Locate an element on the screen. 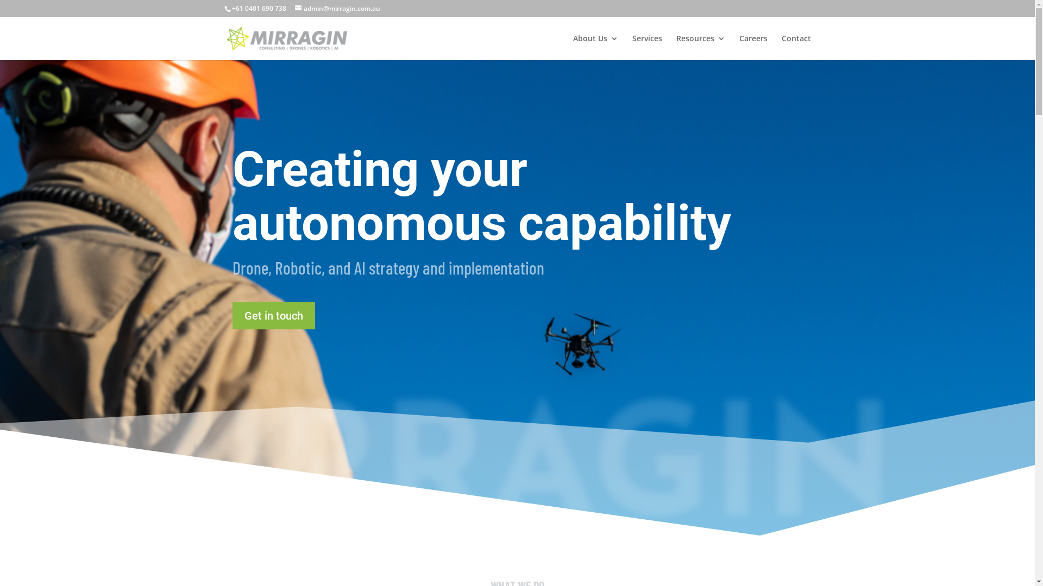  'Get in touch' is located at coordinates (274, 316).